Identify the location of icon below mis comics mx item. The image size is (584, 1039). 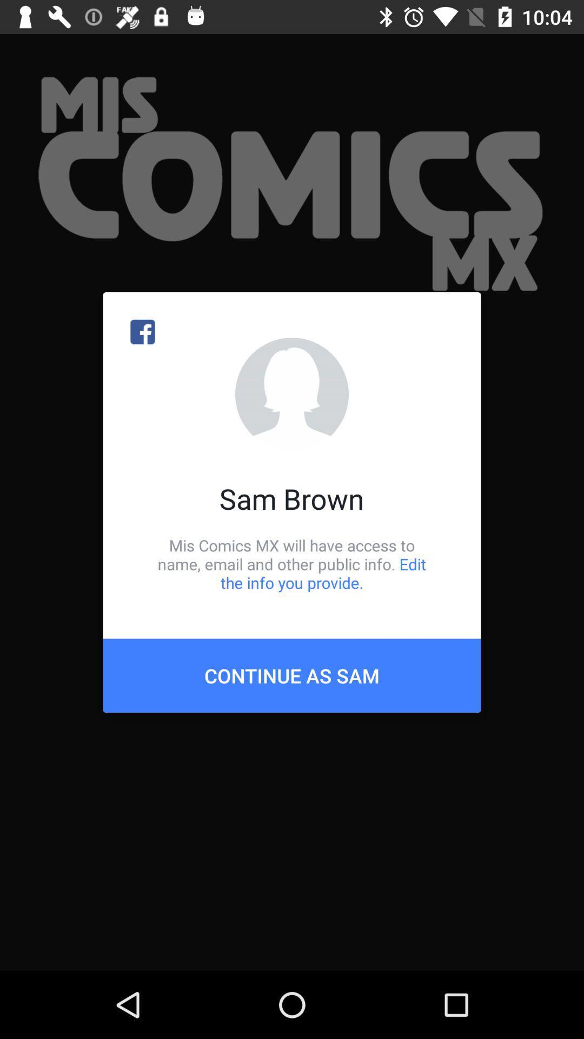
(292, 675).